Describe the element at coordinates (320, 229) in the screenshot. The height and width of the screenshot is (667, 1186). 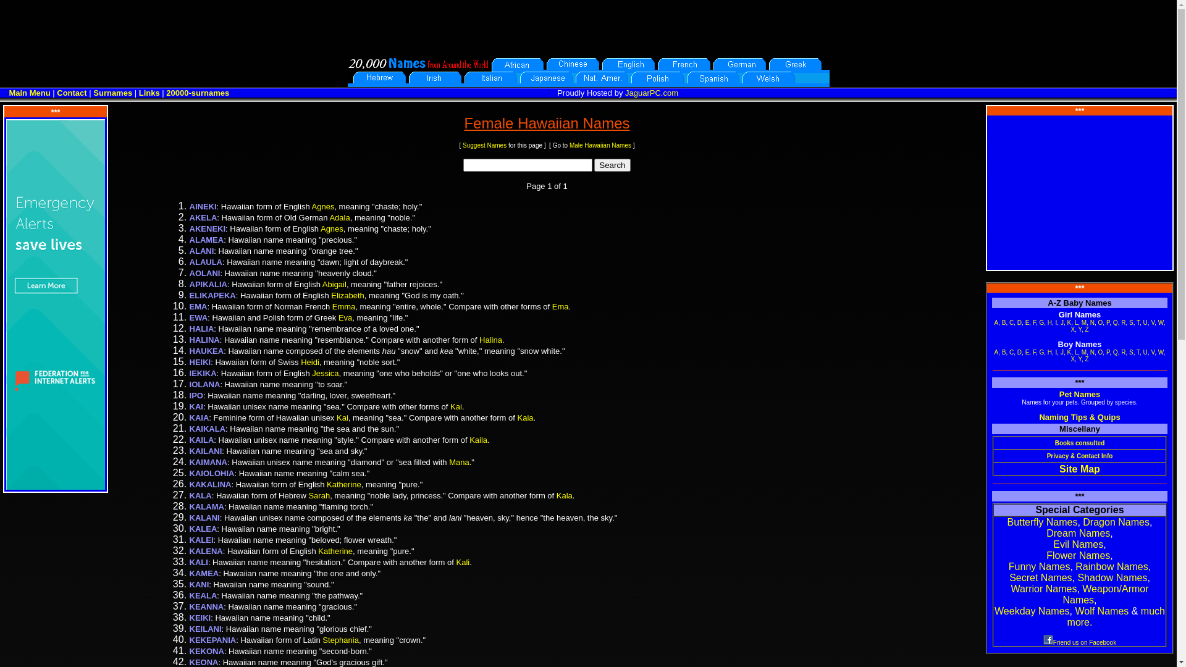
I see `'Agnes'` at that location.